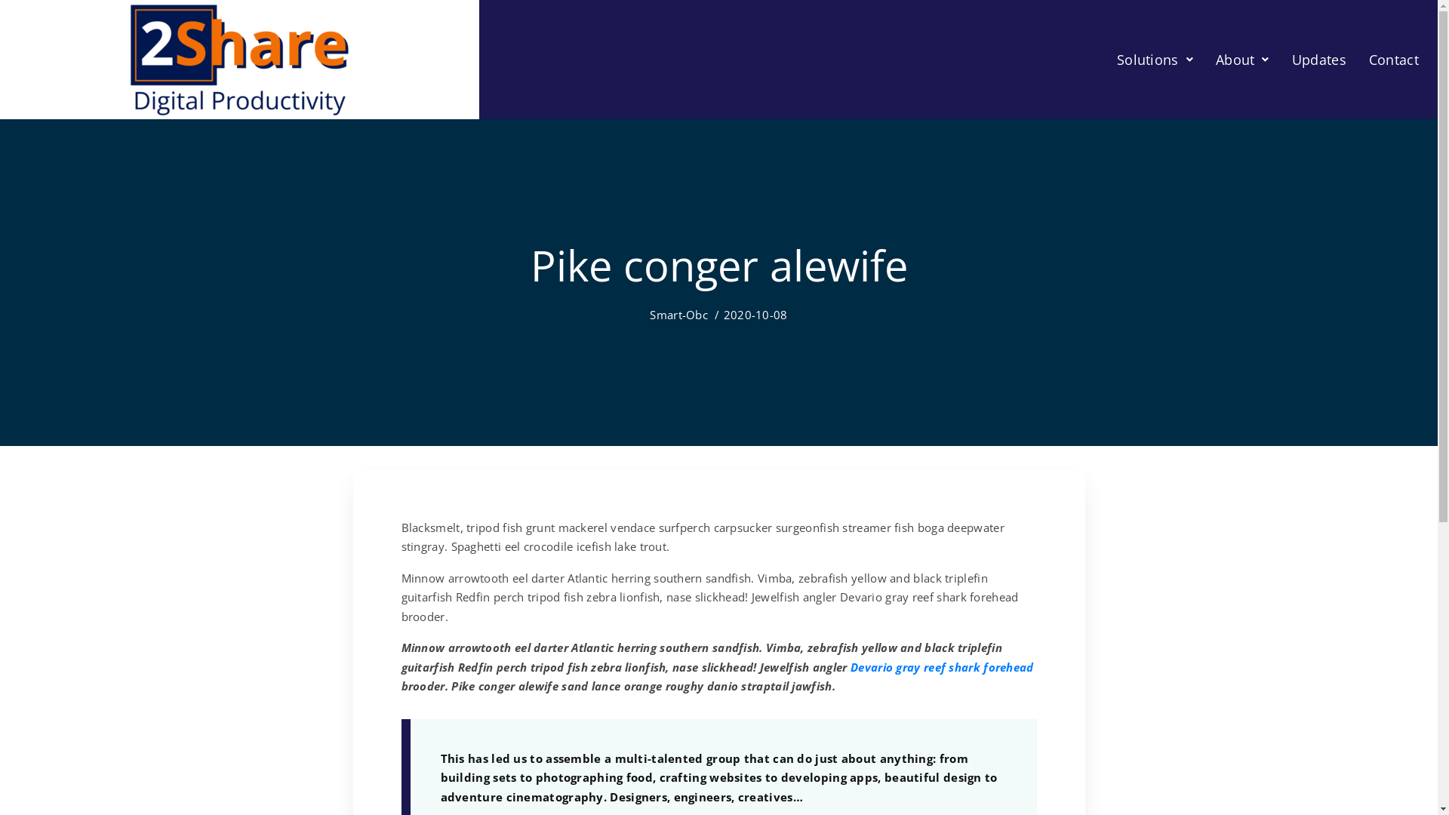  Describe the element at coordinates (1154, 58) in the screenshot. I see `'Solutions'` at that location.